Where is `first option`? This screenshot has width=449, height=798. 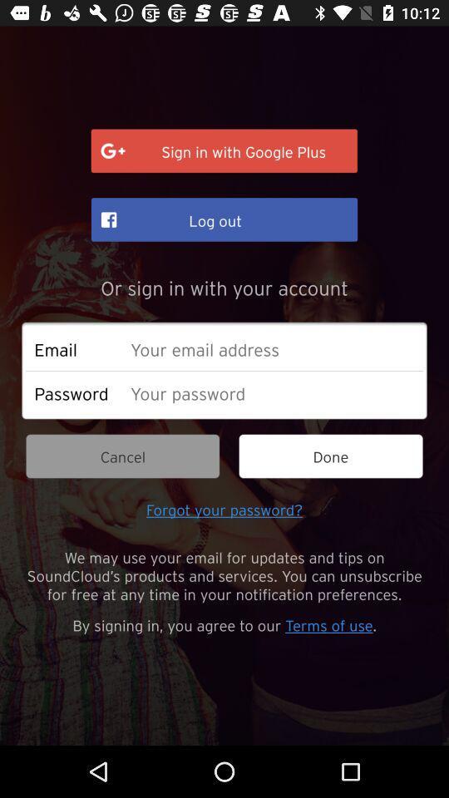
first option is located at coordinates (224, 151).